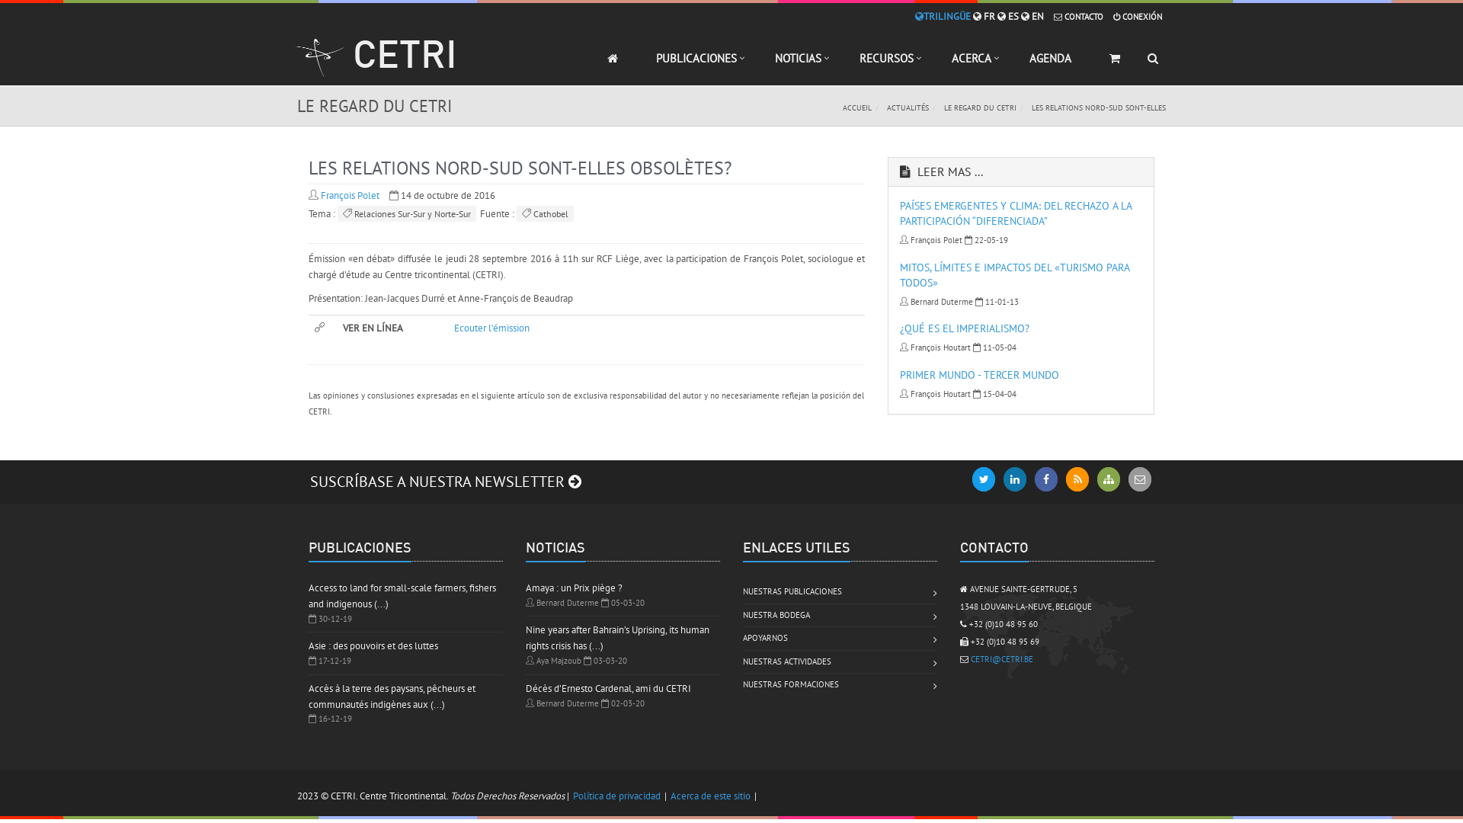  What do you see at coordinates (516, 213) in the screenshot?
I see `'Cathobel'` at bounding box center [516, 213].